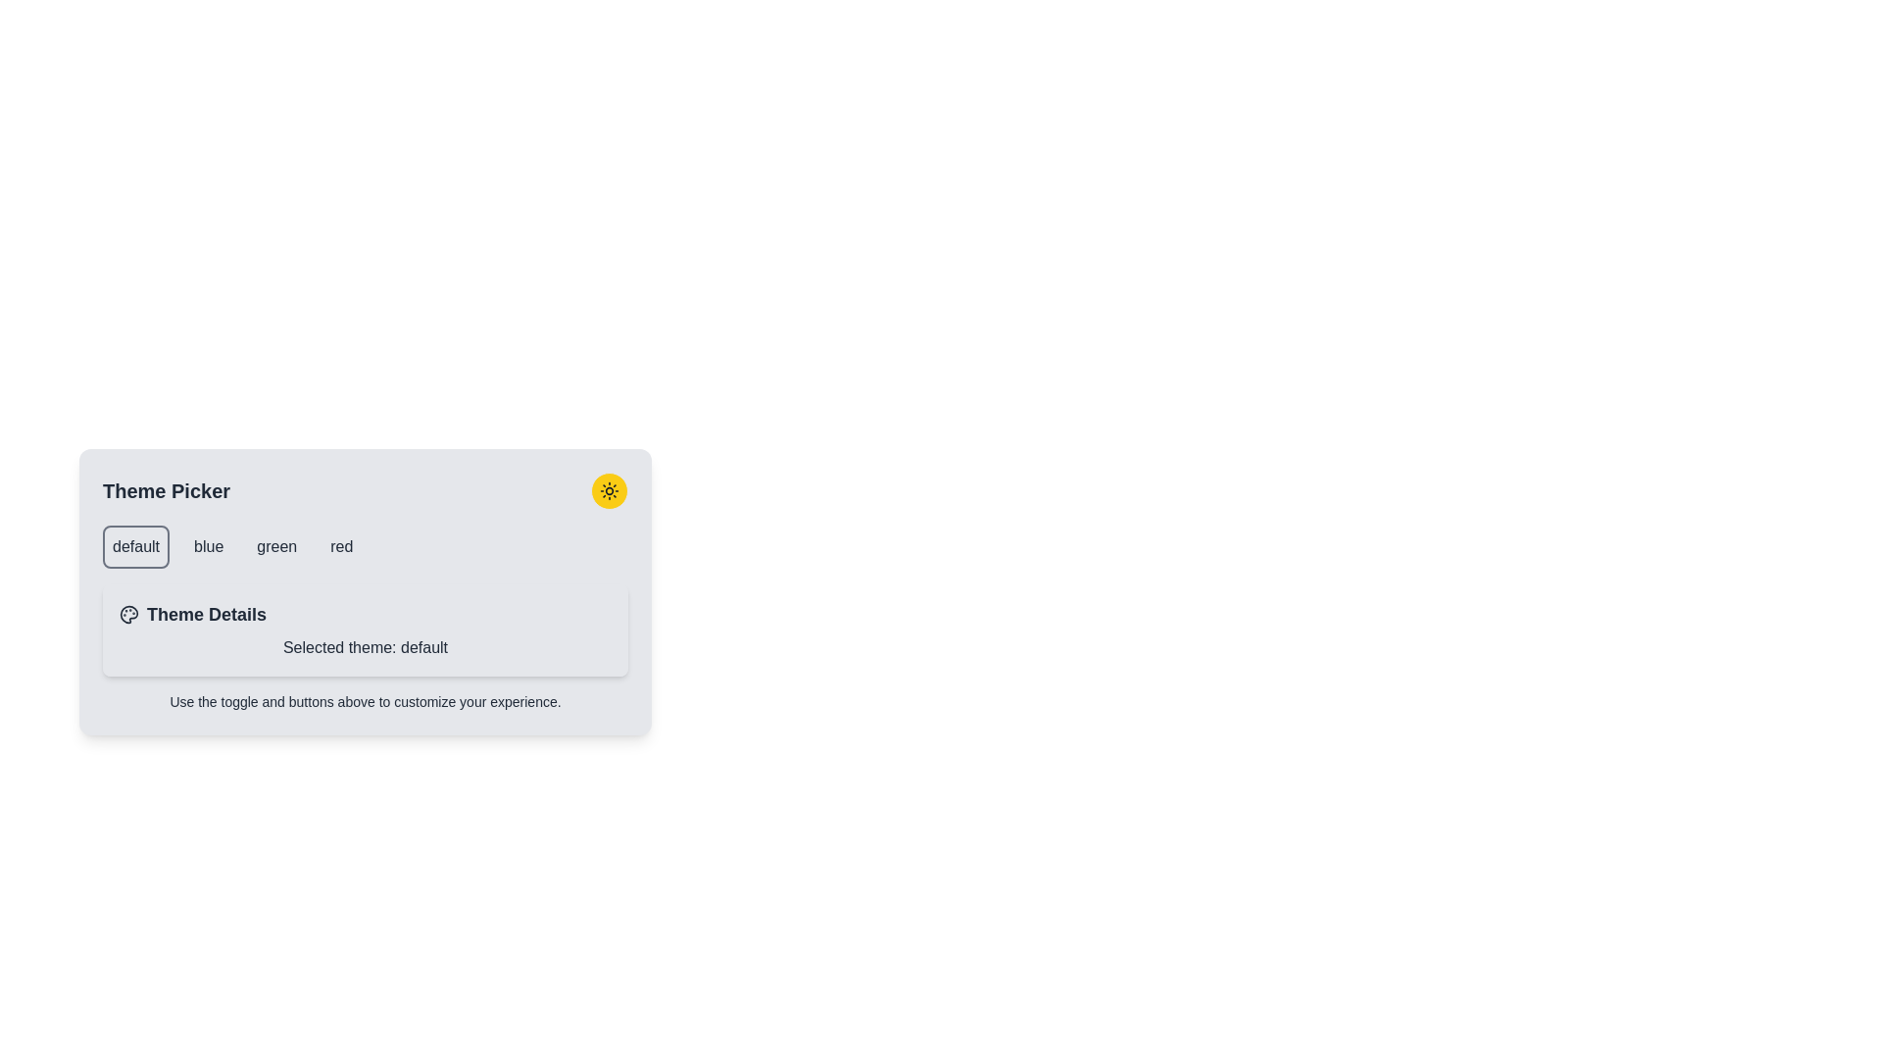 Image resolution: width=1882 pixels, height=1059 pixels. I want to click on the text label 'Theme Details', which is styled in bold, large font and located to the right of a palette icon, emphasizing its importance in the theme selection interface, so click(207, 614).